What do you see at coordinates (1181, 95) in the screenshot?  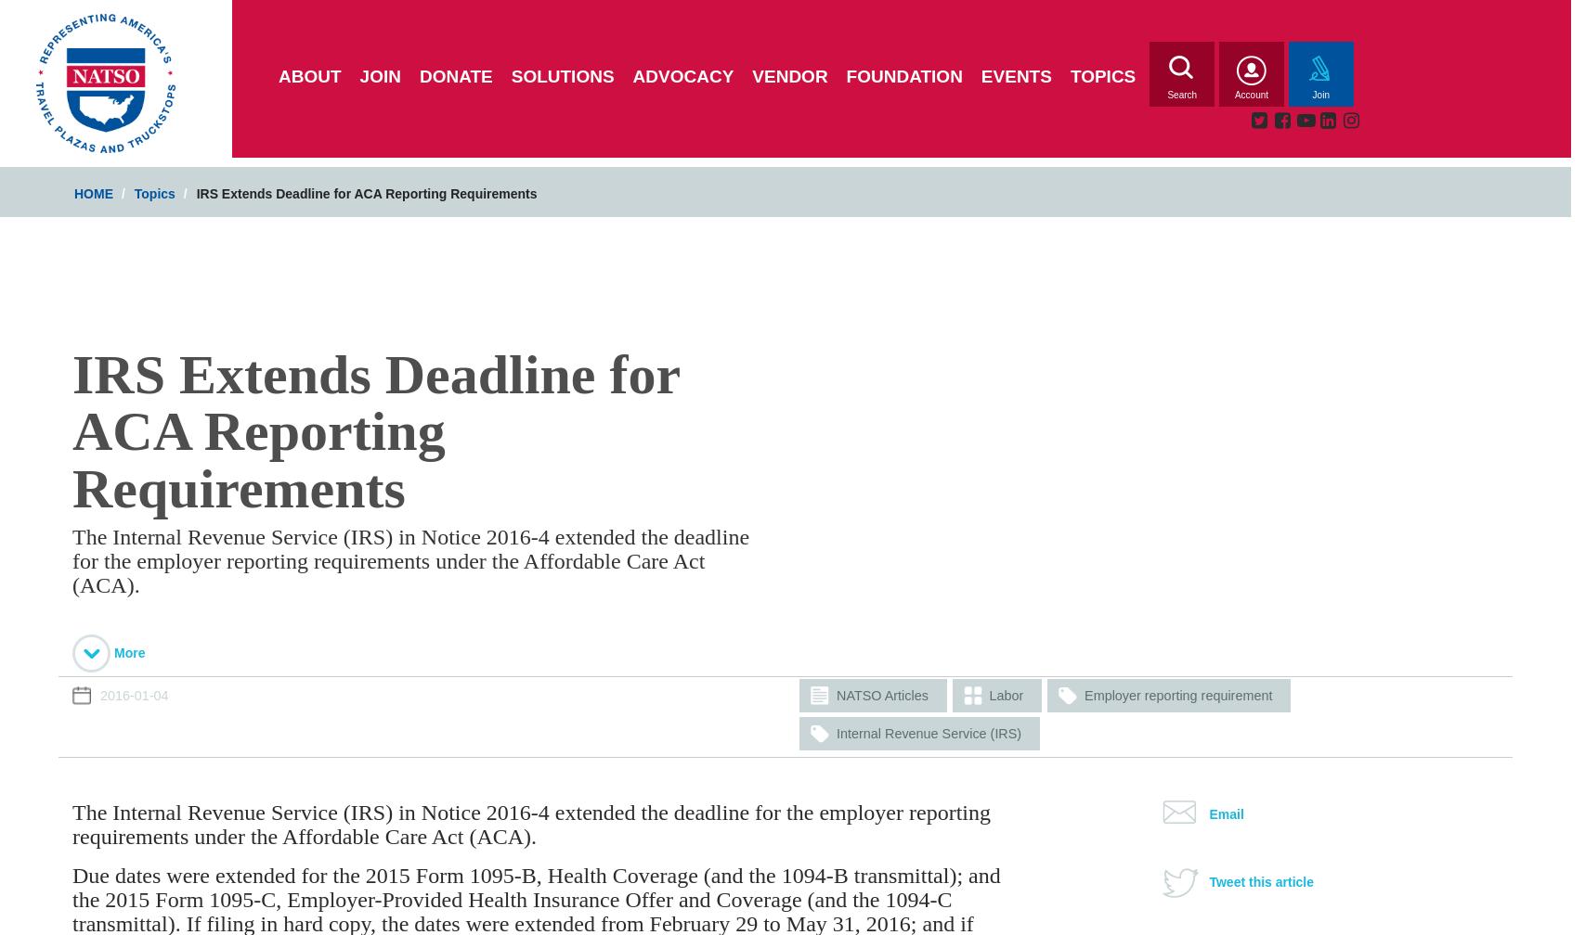 I see `'Search'` at bounding box center [1181, 95].